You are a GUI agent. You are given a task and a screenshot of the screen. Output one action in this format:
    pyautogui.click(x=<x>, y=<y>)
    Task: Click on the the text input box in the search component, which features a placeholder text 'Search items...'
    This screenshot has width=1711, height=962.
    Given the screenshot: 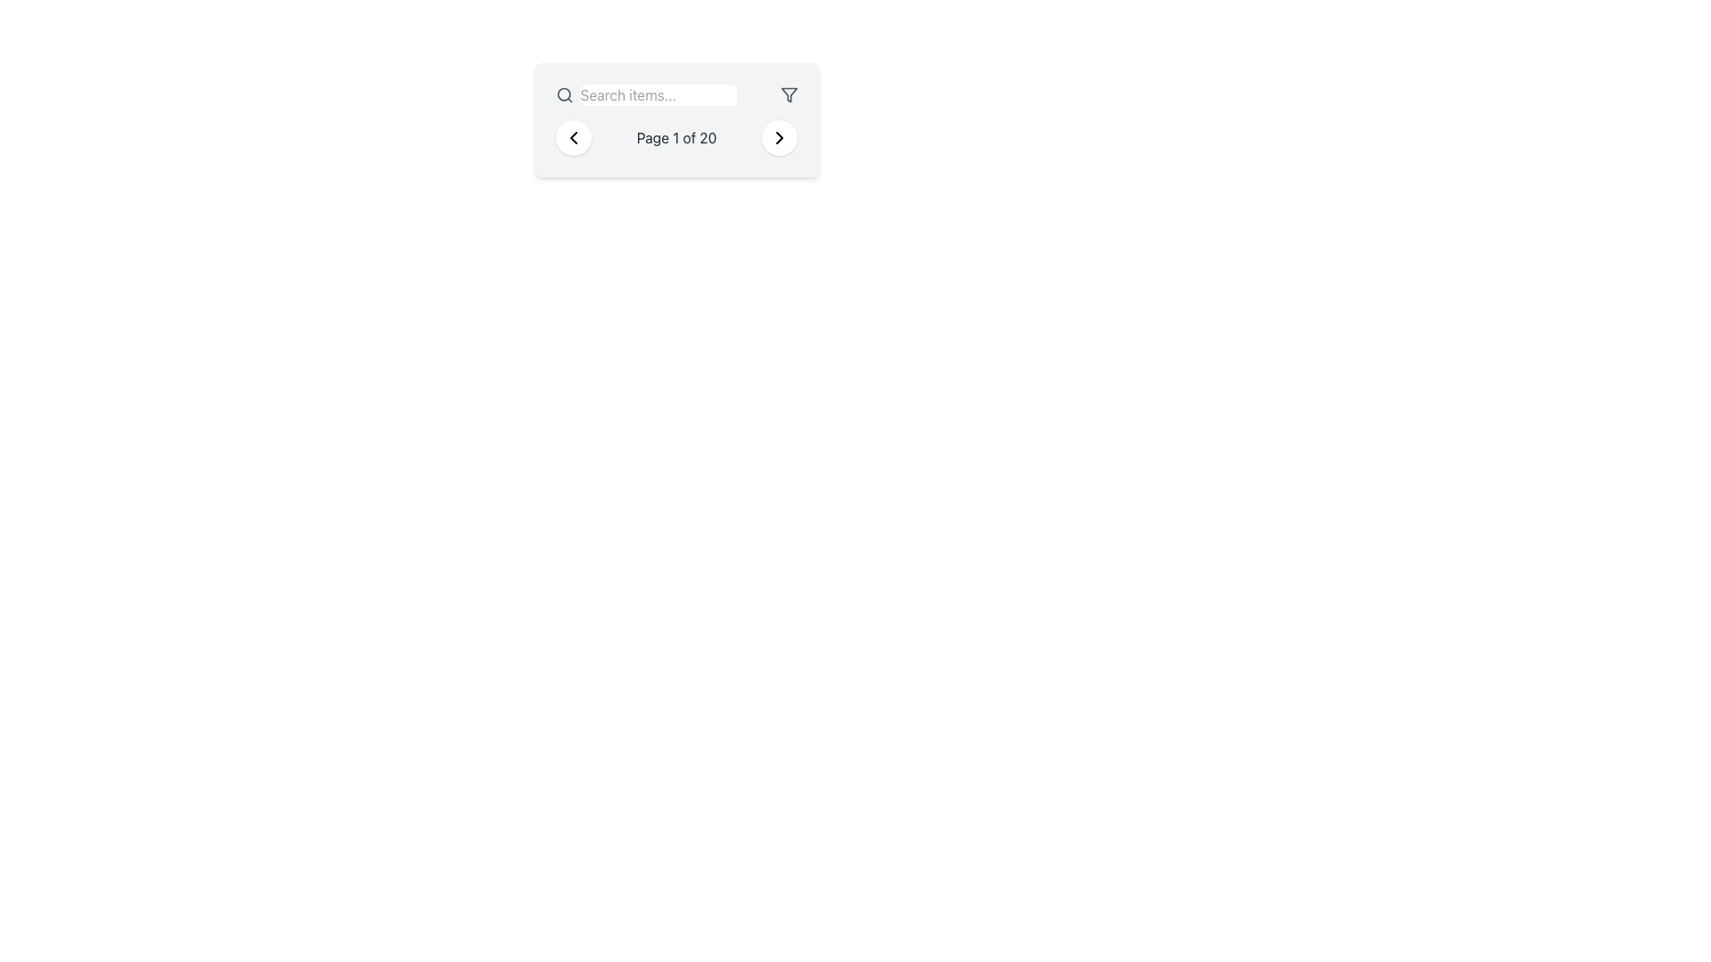 What is the action you would take?
    pyautogui.click(x=644, y=95)
    